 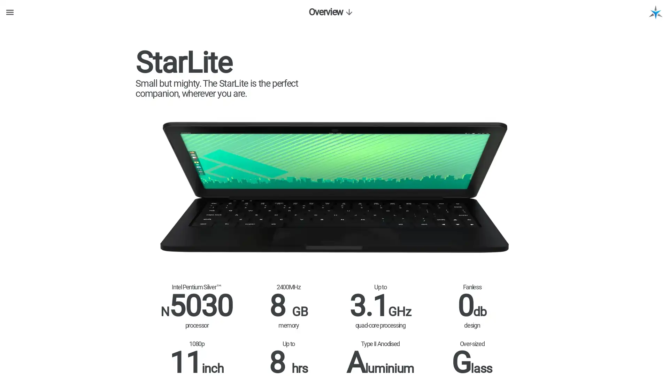 What do you see at coordinates (651, 331) in the screenshot?
I see `Chat widget toggle` at bounding box center [651, 331].